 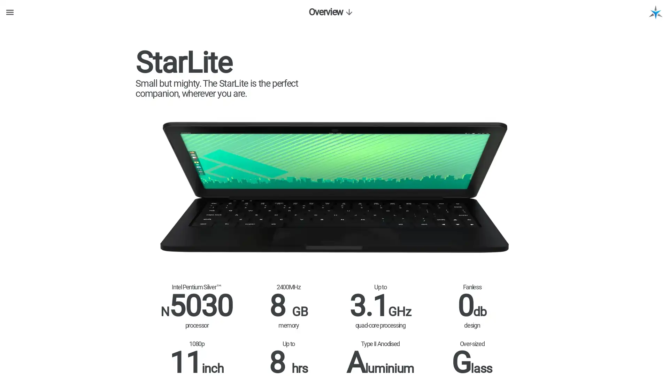 What do you see at coordinates (651, 331) in the screenshot?
I see `Chat widget toggle` at bounding box center [651, 331].